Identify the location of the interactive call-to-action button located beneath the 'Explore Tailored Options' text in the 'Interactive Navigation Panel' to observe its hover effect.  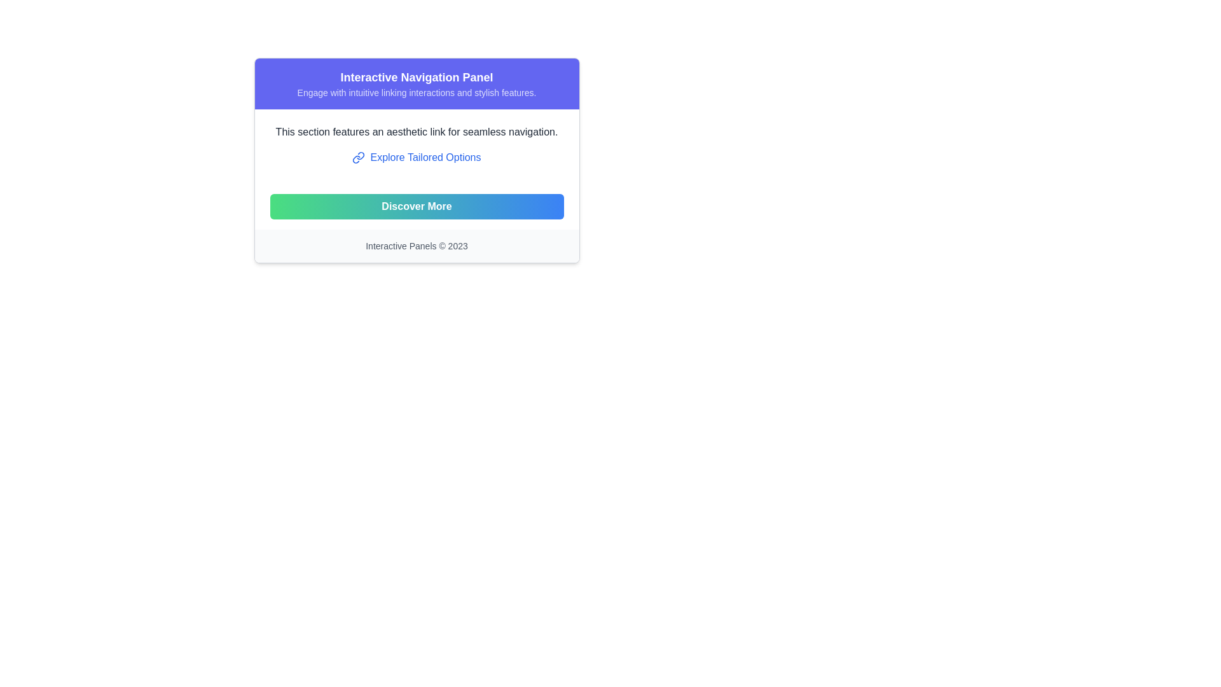
(417, 205).